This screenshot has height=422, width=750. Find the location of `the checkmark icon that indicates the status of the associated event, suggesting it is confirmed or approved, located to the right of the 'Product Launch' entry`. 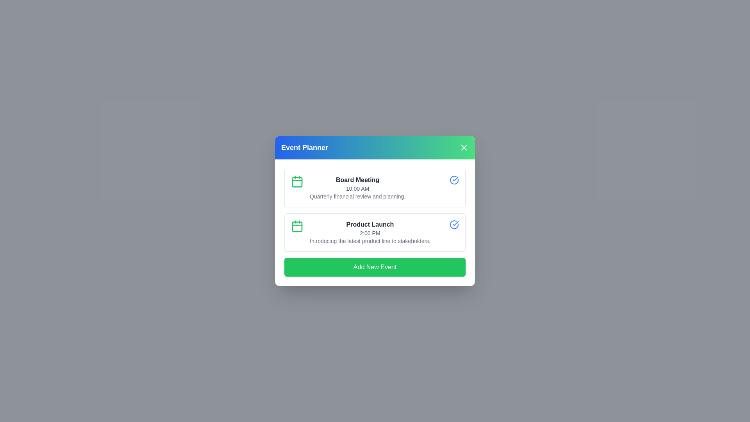

the checkmark icon that indicates the status of the associated event, suggesting it is confirmed or approved, located to the right of the 'Product Launch' entry is located at coordinates (455, 179).